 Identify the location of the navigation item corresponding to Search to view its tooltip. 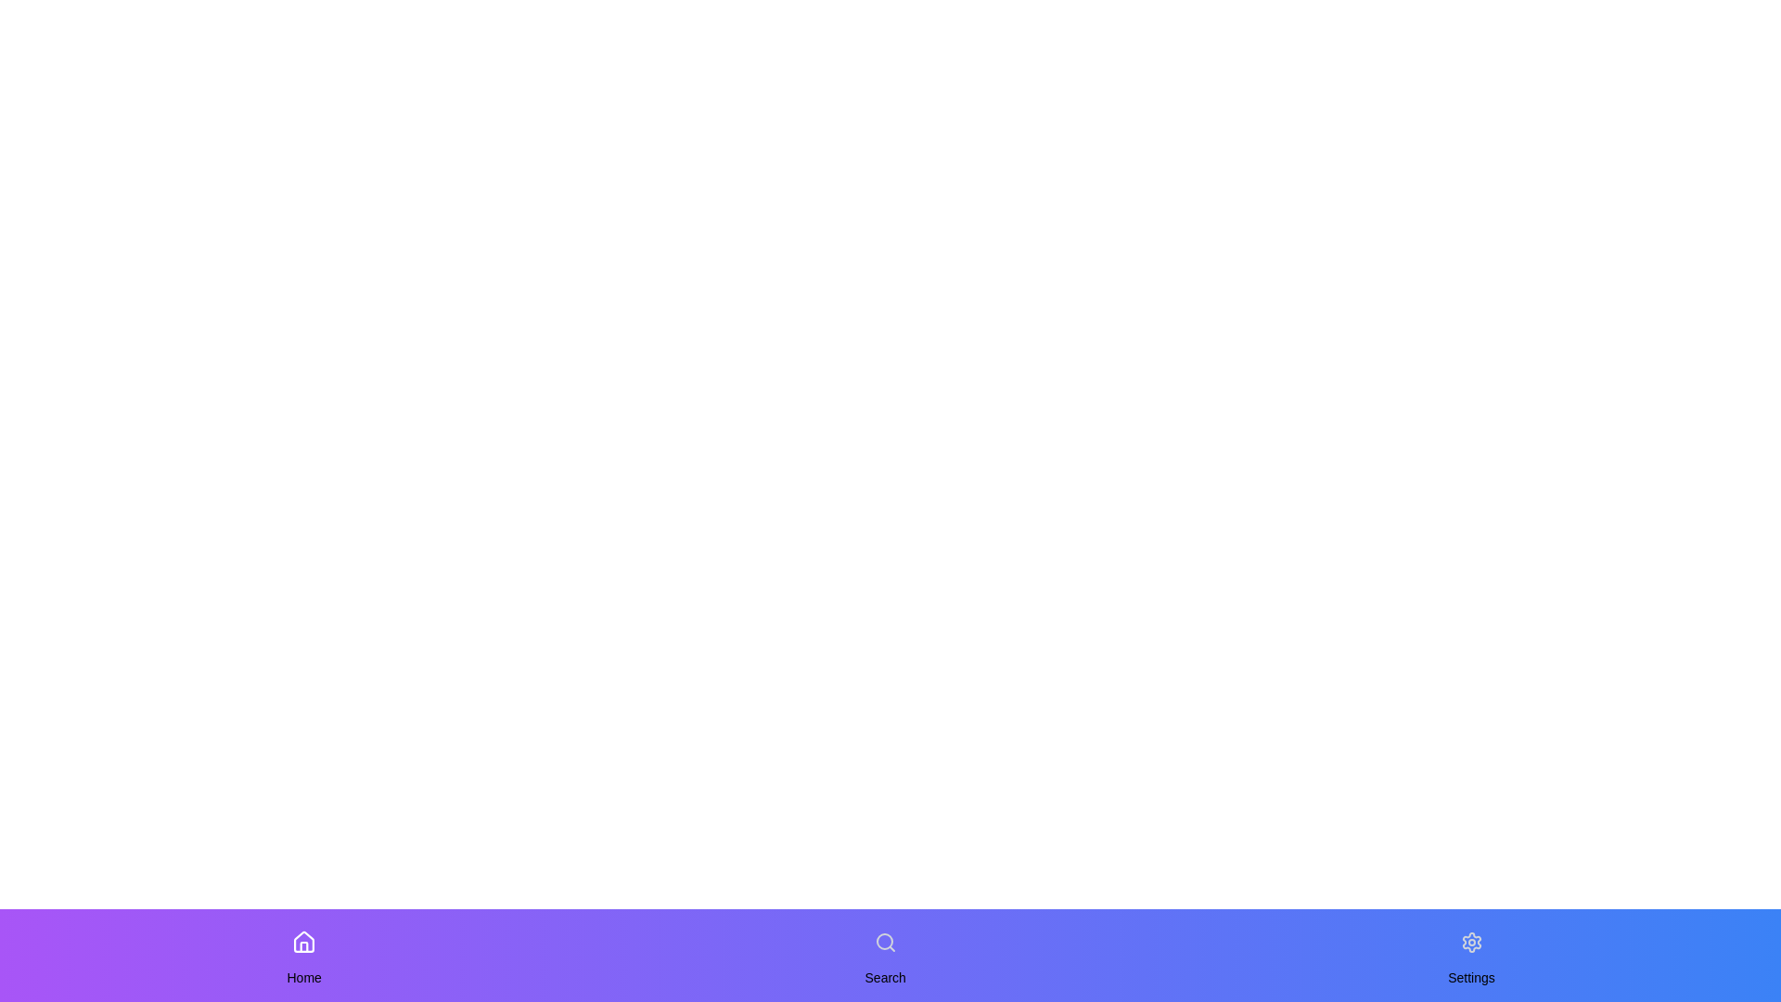
(884, 942).